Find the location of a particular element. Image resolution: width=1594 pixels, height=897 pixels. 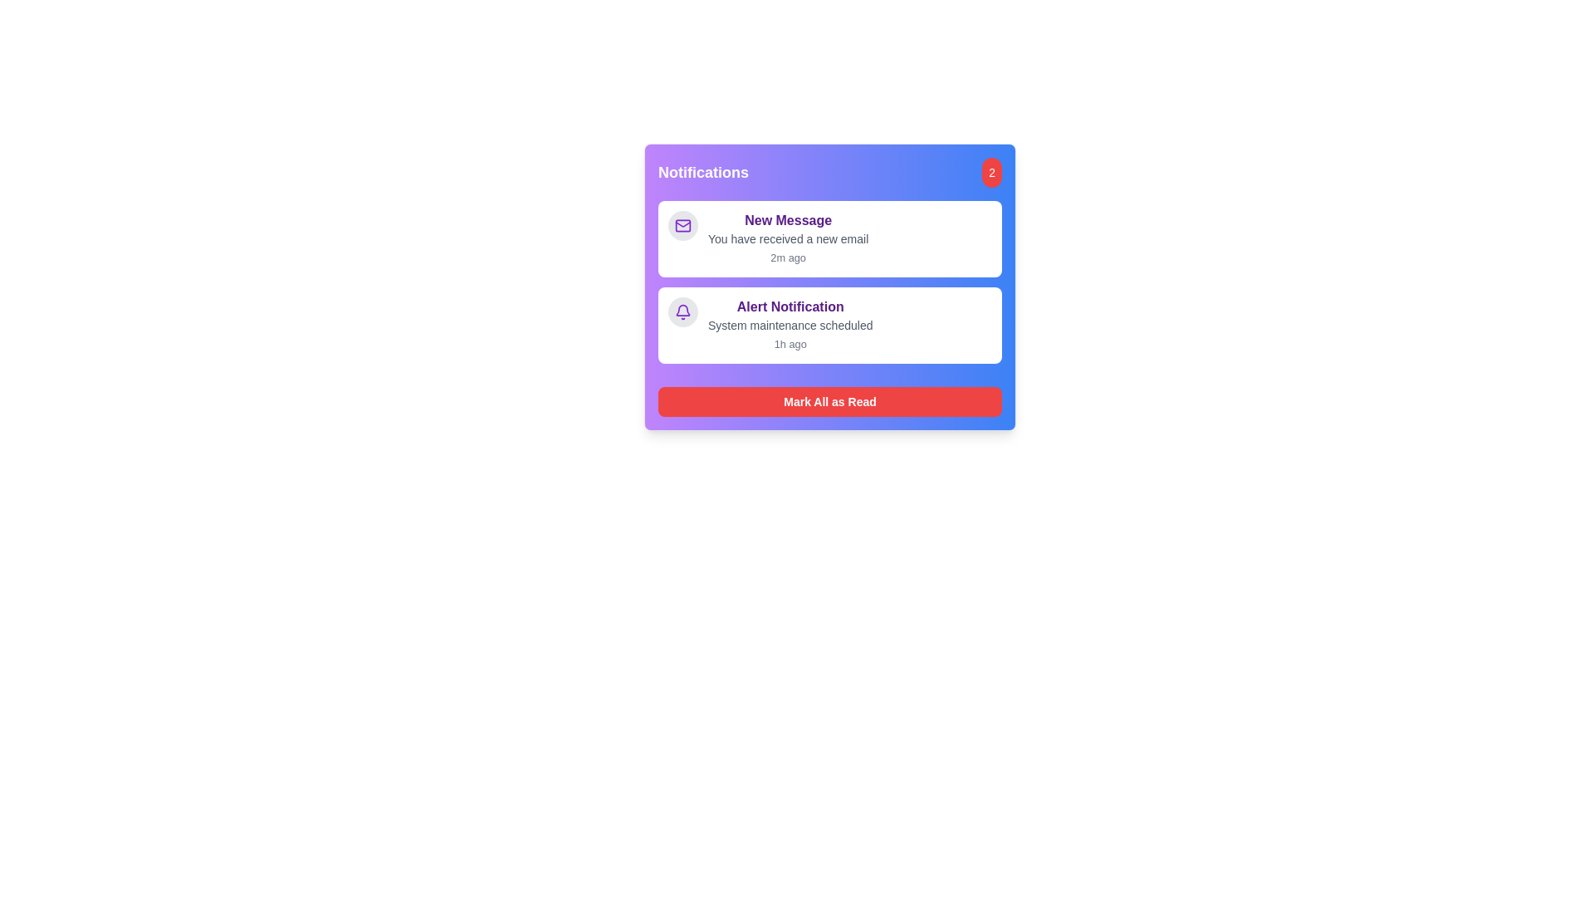

the Notification item card displaying system maintenance information, located in the second slot of the Notifications panel, to access its context options is located at coordinates (829, 281).